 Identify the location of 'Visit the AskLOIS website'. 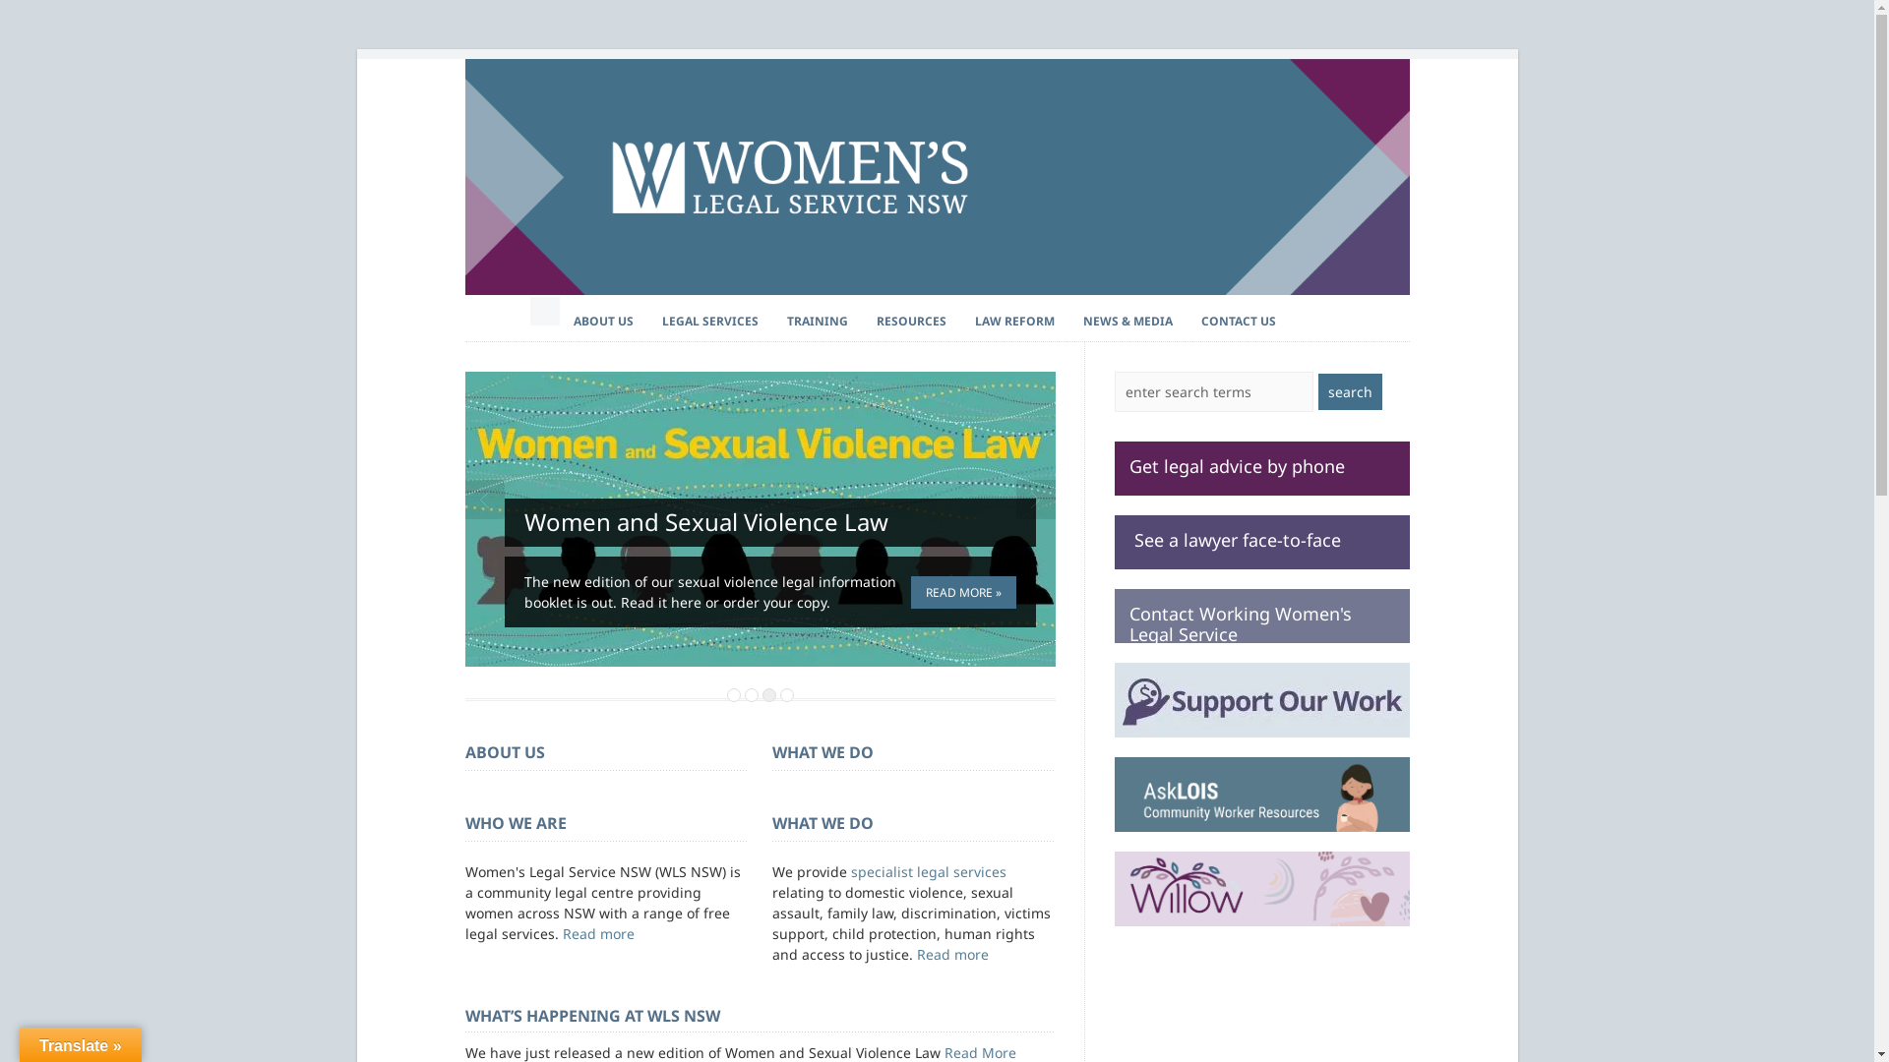
(1114, 793).